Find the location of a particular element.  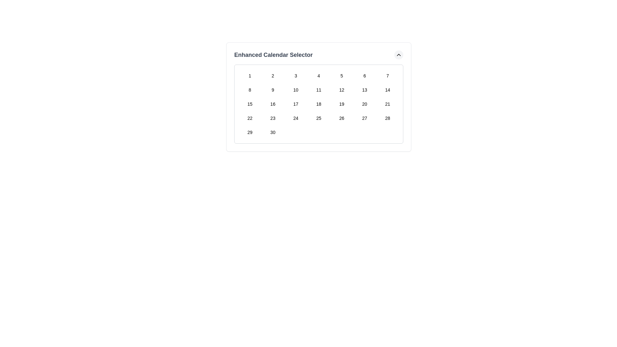

the button displaying the text '13' is located at coordinates (364, 90).